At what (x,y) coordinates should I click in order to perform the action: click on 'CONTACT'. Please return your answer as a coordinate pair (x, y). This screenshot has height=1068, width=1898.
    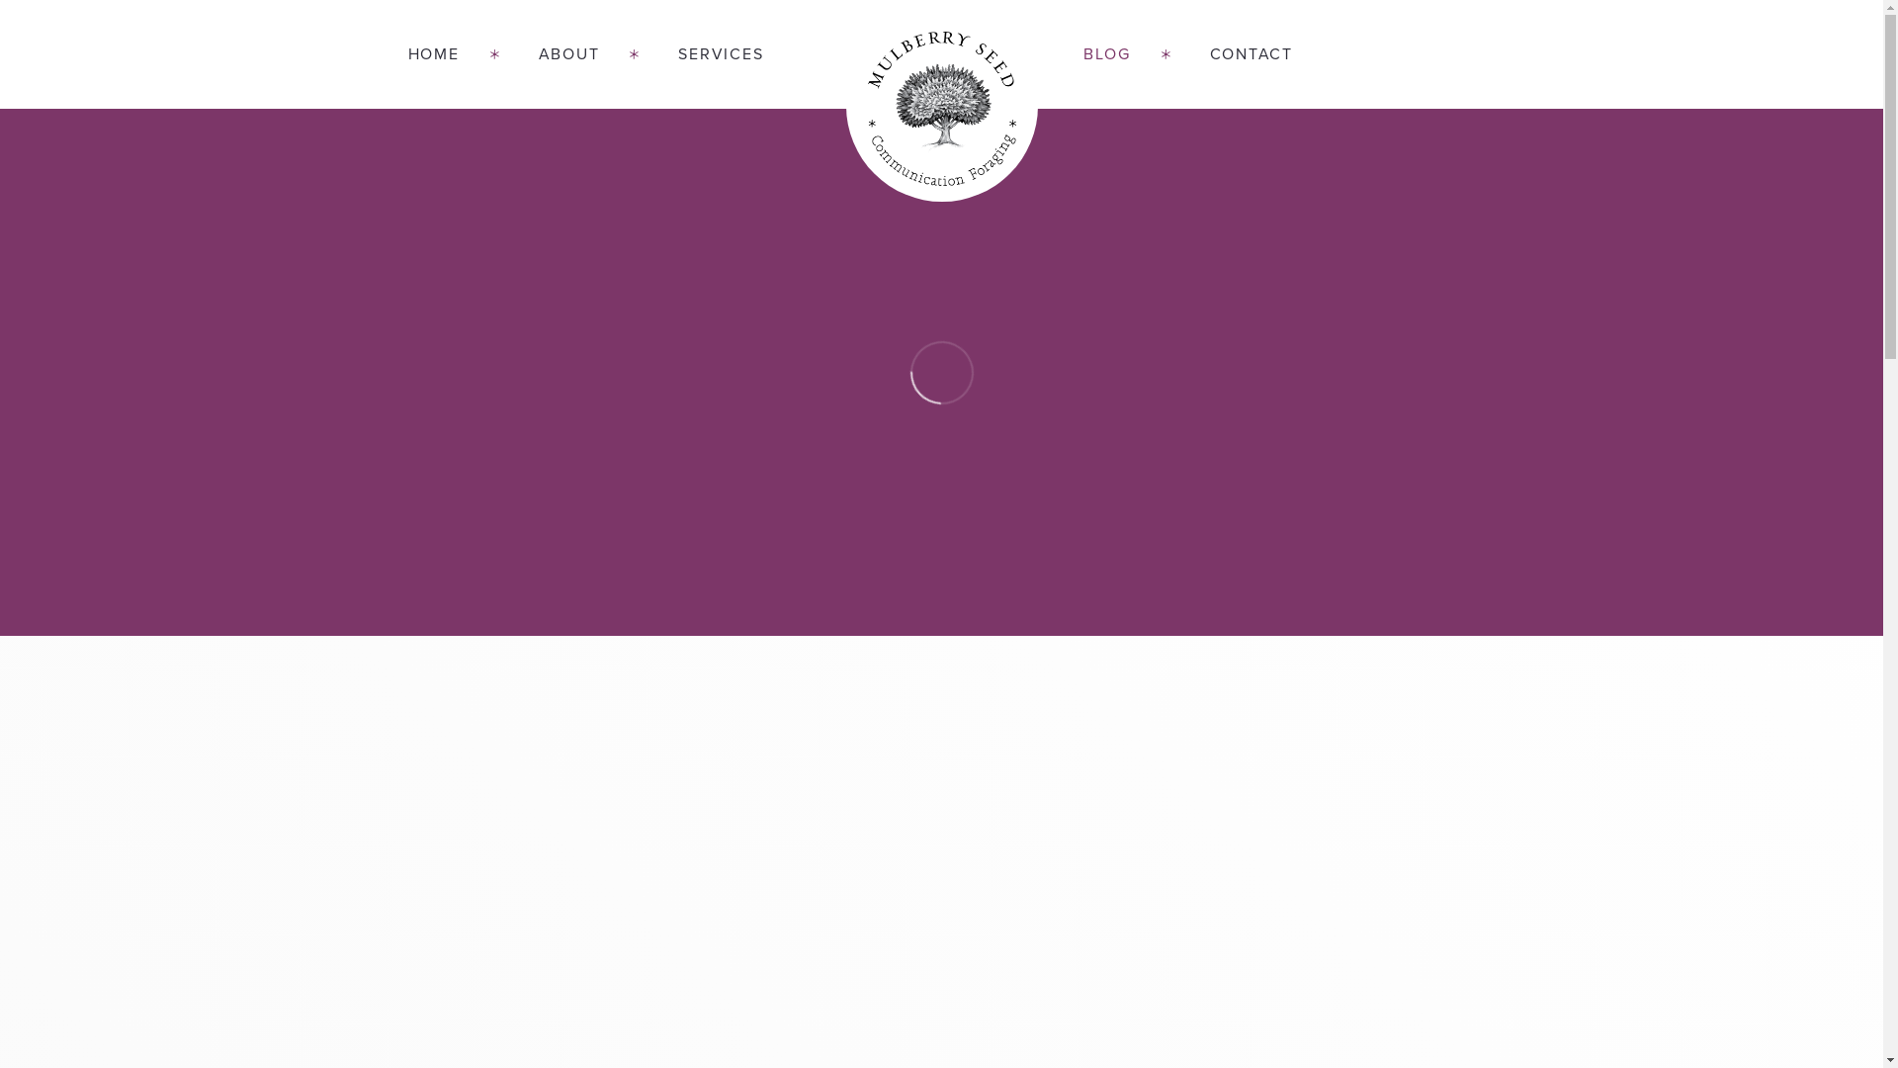
    Looking at the image, I should click on (1231, 52).